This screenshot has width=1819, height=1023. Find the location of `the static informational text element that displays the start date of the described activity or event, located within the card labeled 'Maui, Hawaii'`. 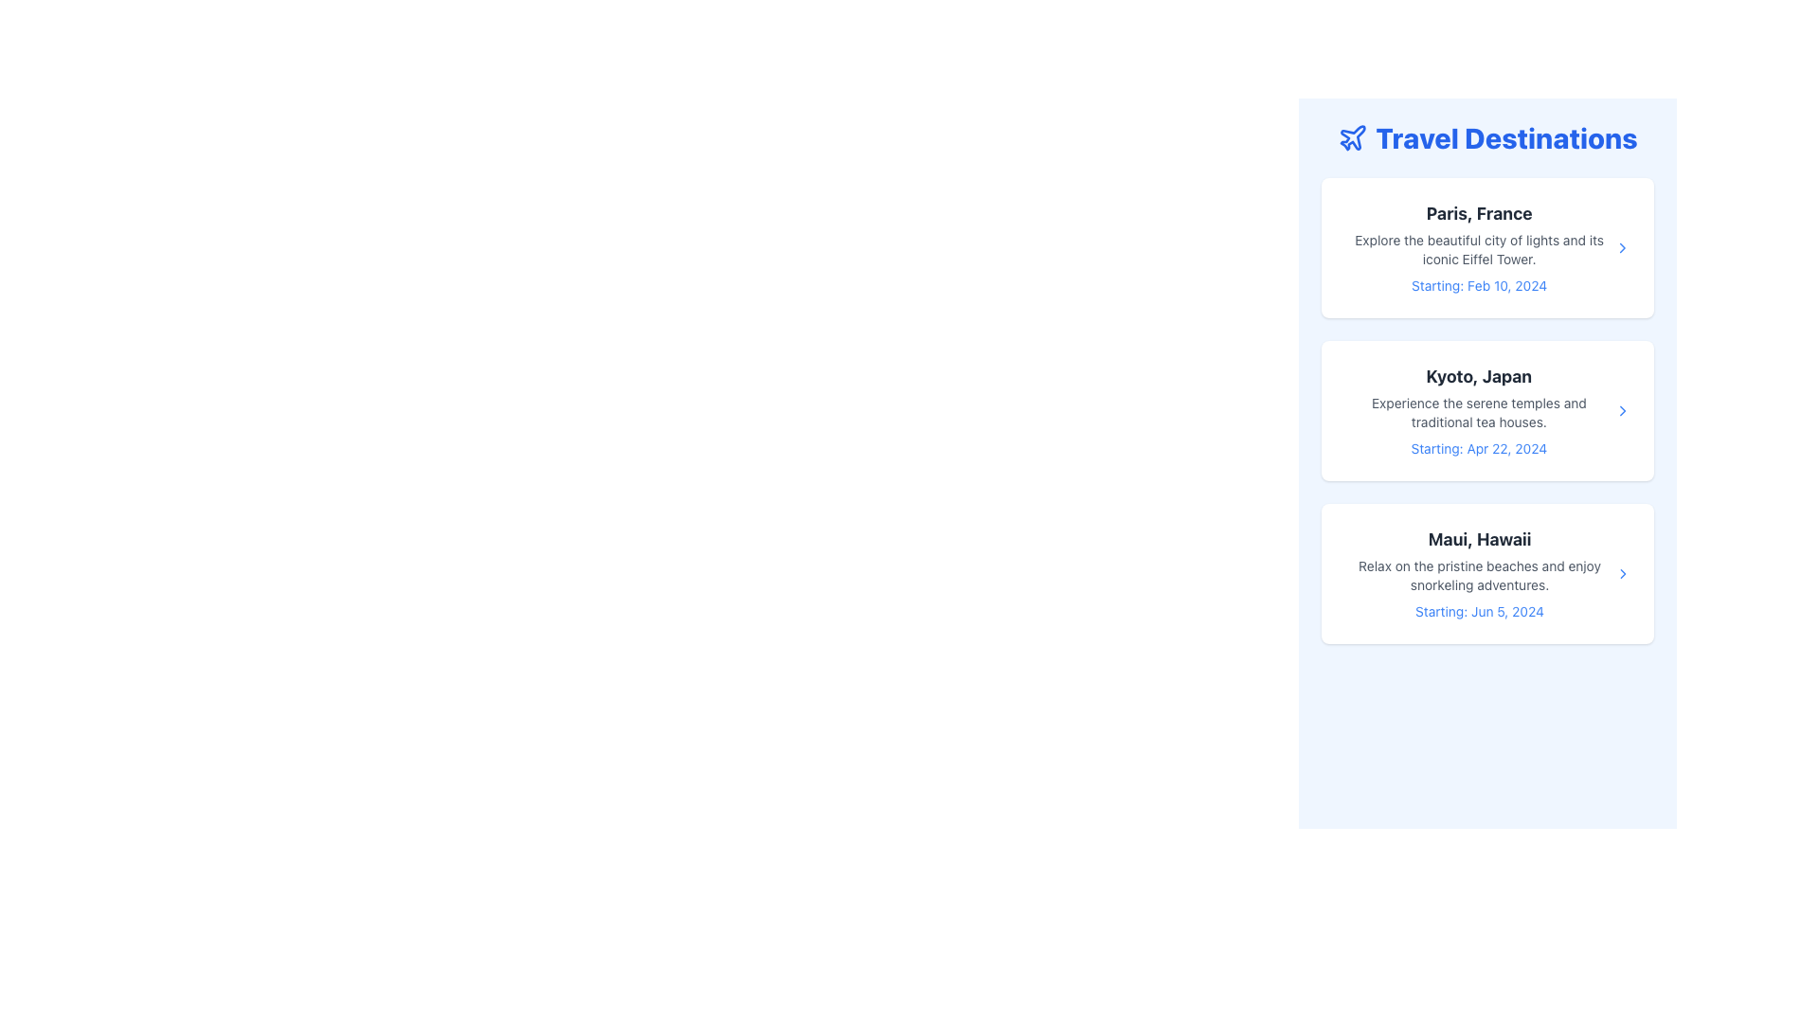

the static informational text element that displays the start date of the described activity or event, located within the card labeled 'Maui, Hawaii' is located at coordinates (1479, 611).